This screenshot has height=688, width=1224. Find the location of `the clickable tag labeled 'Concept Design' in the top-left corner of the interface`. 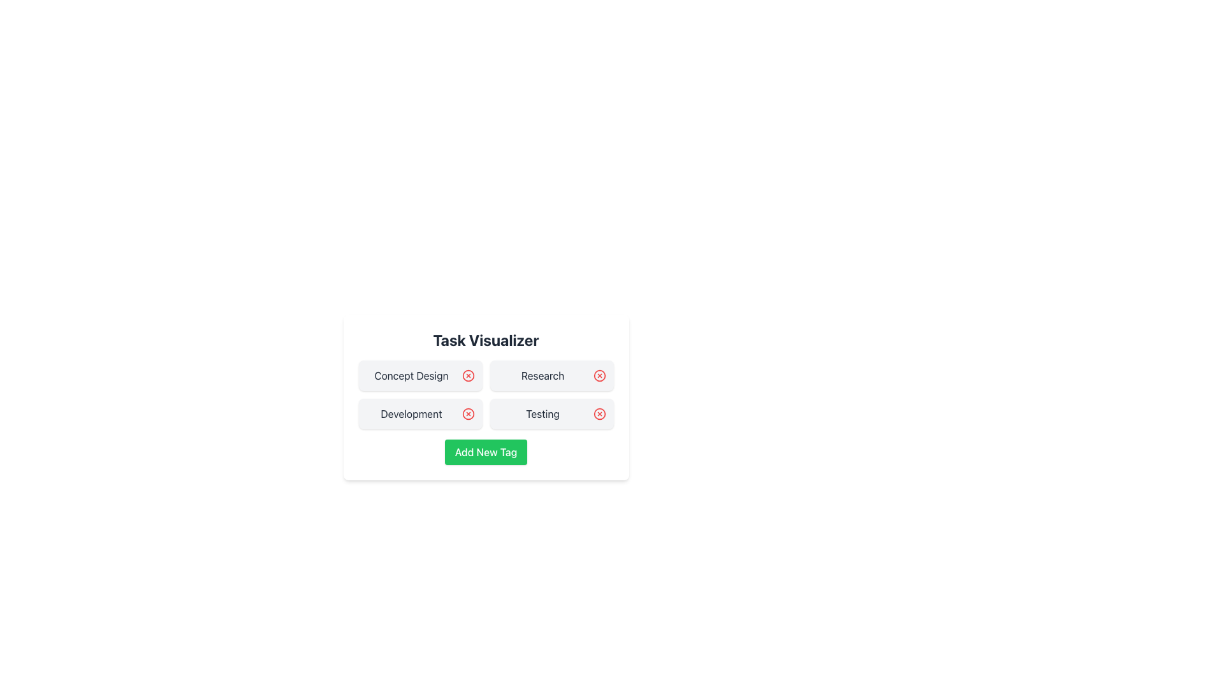

the clickable tag labeled 'Concept Design' in the top-left corner of the interface is located at coordinates (420, 375).